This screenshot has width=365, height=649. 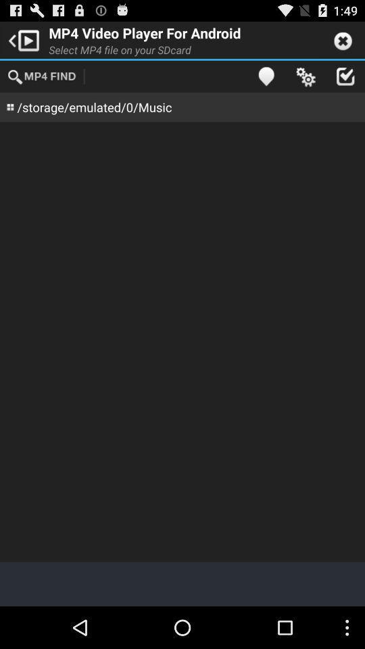 What do you see at coordinates (345, 81) in the screenshot?
I see `the check icon` at bounding box center [345, 81].